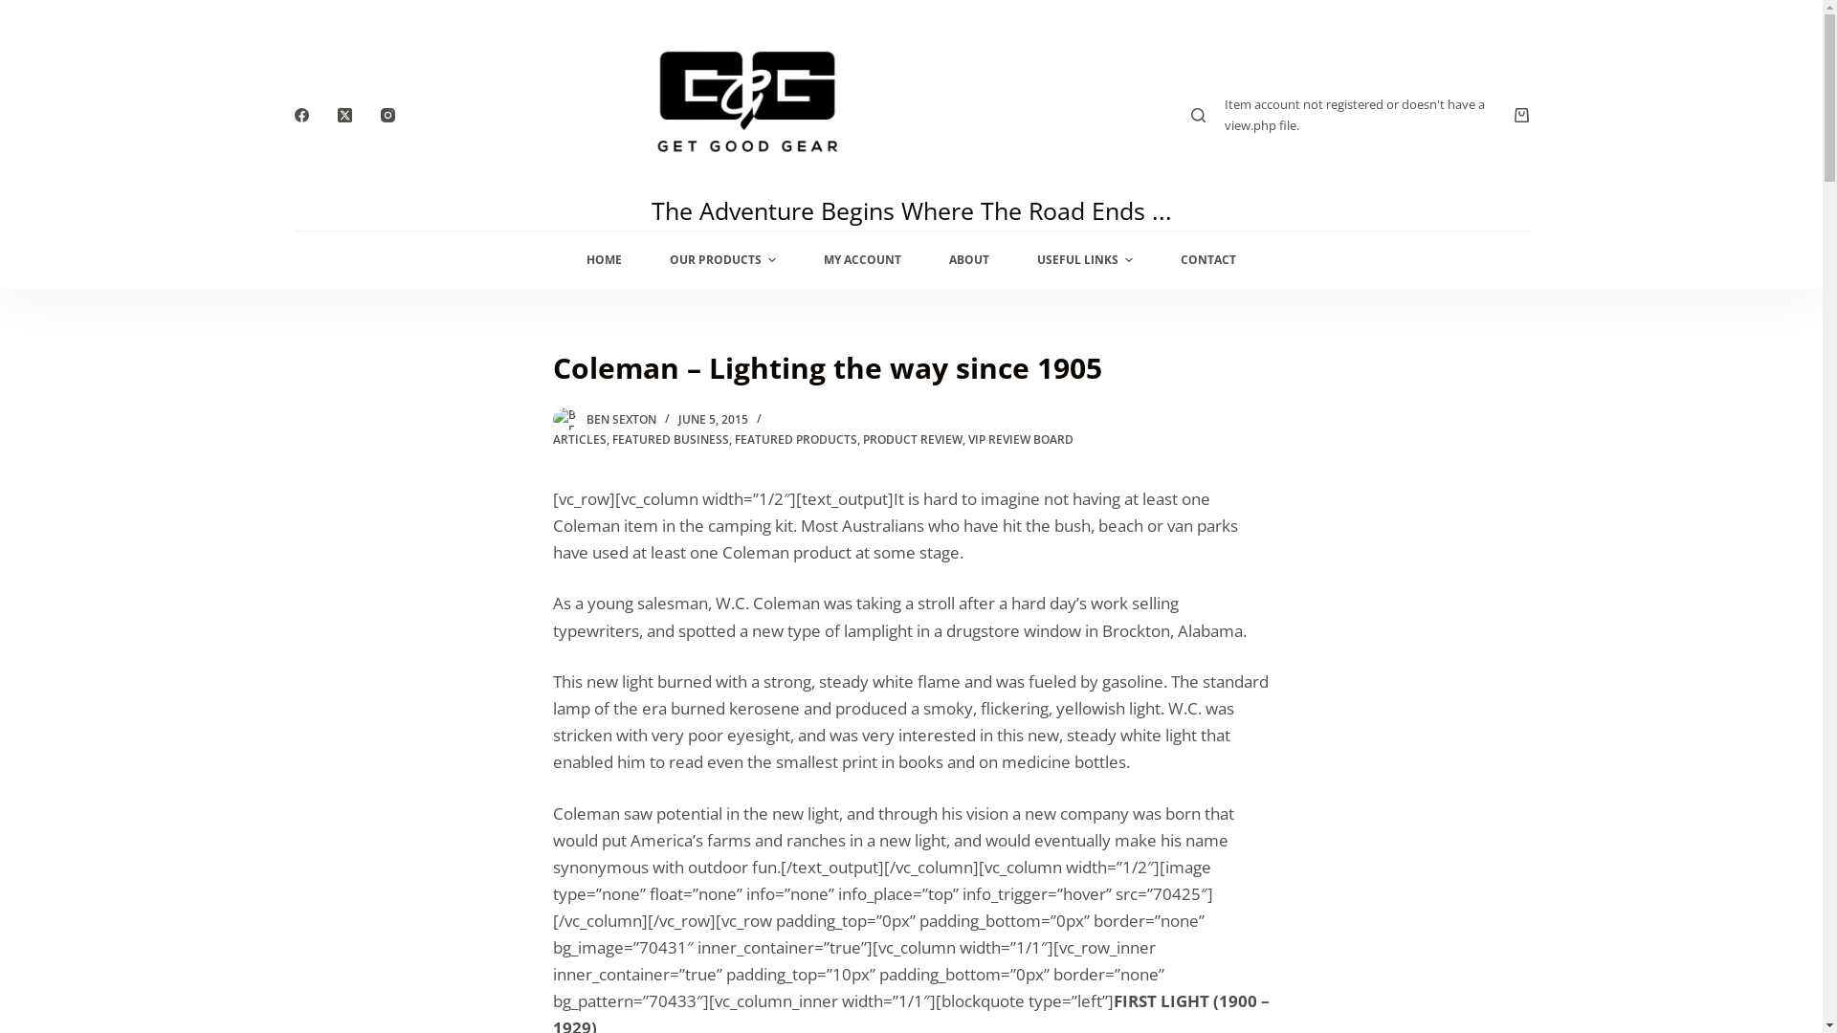 The height and width of the screenshot is (1033, 1837). I want to click on 'CONTACT US', so click(1258, 523).